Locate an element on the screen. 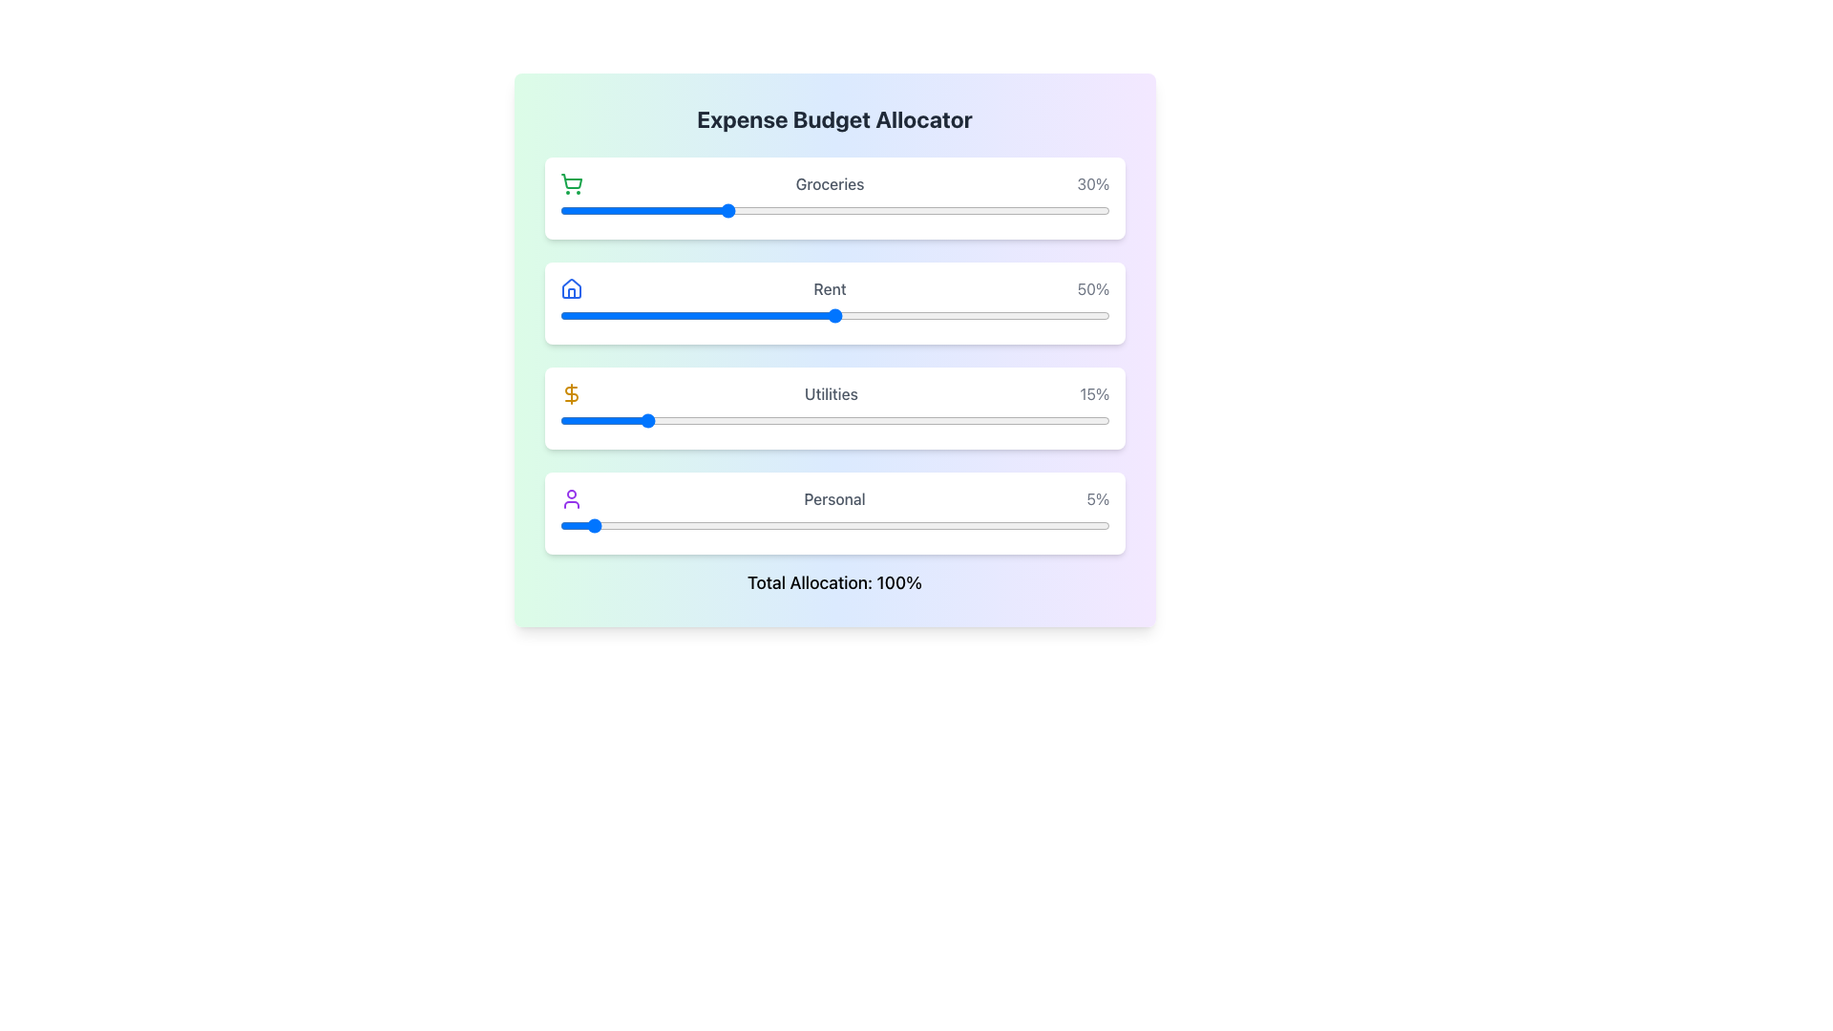 The width and height of the screenshot is (1833, 1031). the Utilities slider is located at coordinates (575, 419).